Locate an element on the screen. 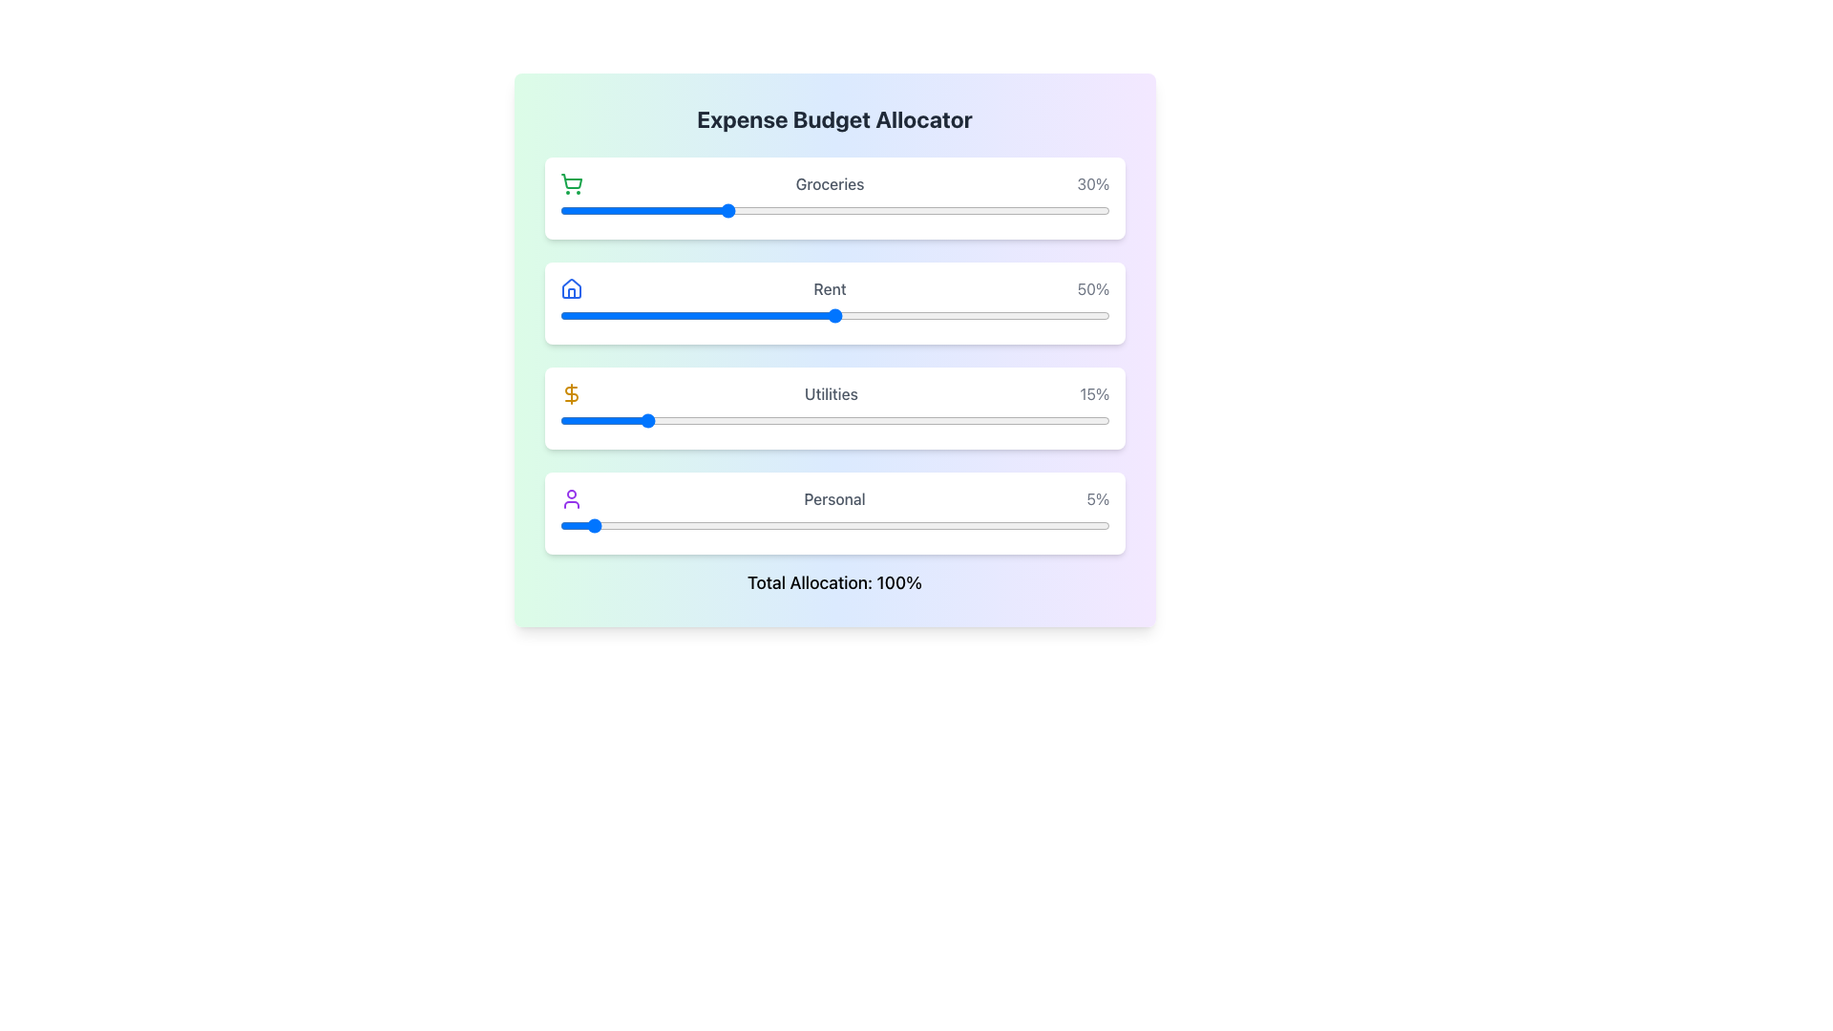 The width and height of the screenshot is (1833, 1031). the Utilities slider is located at coordinates (575, 419).